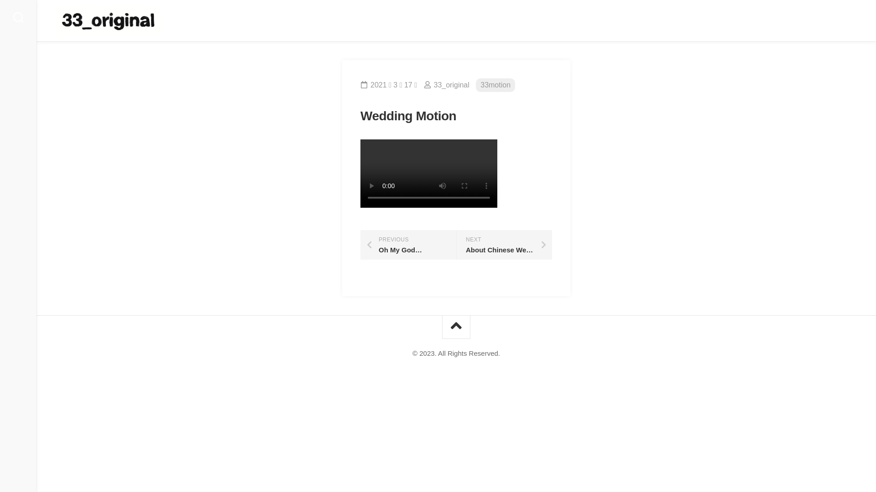 The image size is (876, 492). What do you see at coordinates (451, 85) in the screenshot?
I see `'33_original'` at bounding box center [451, 85].